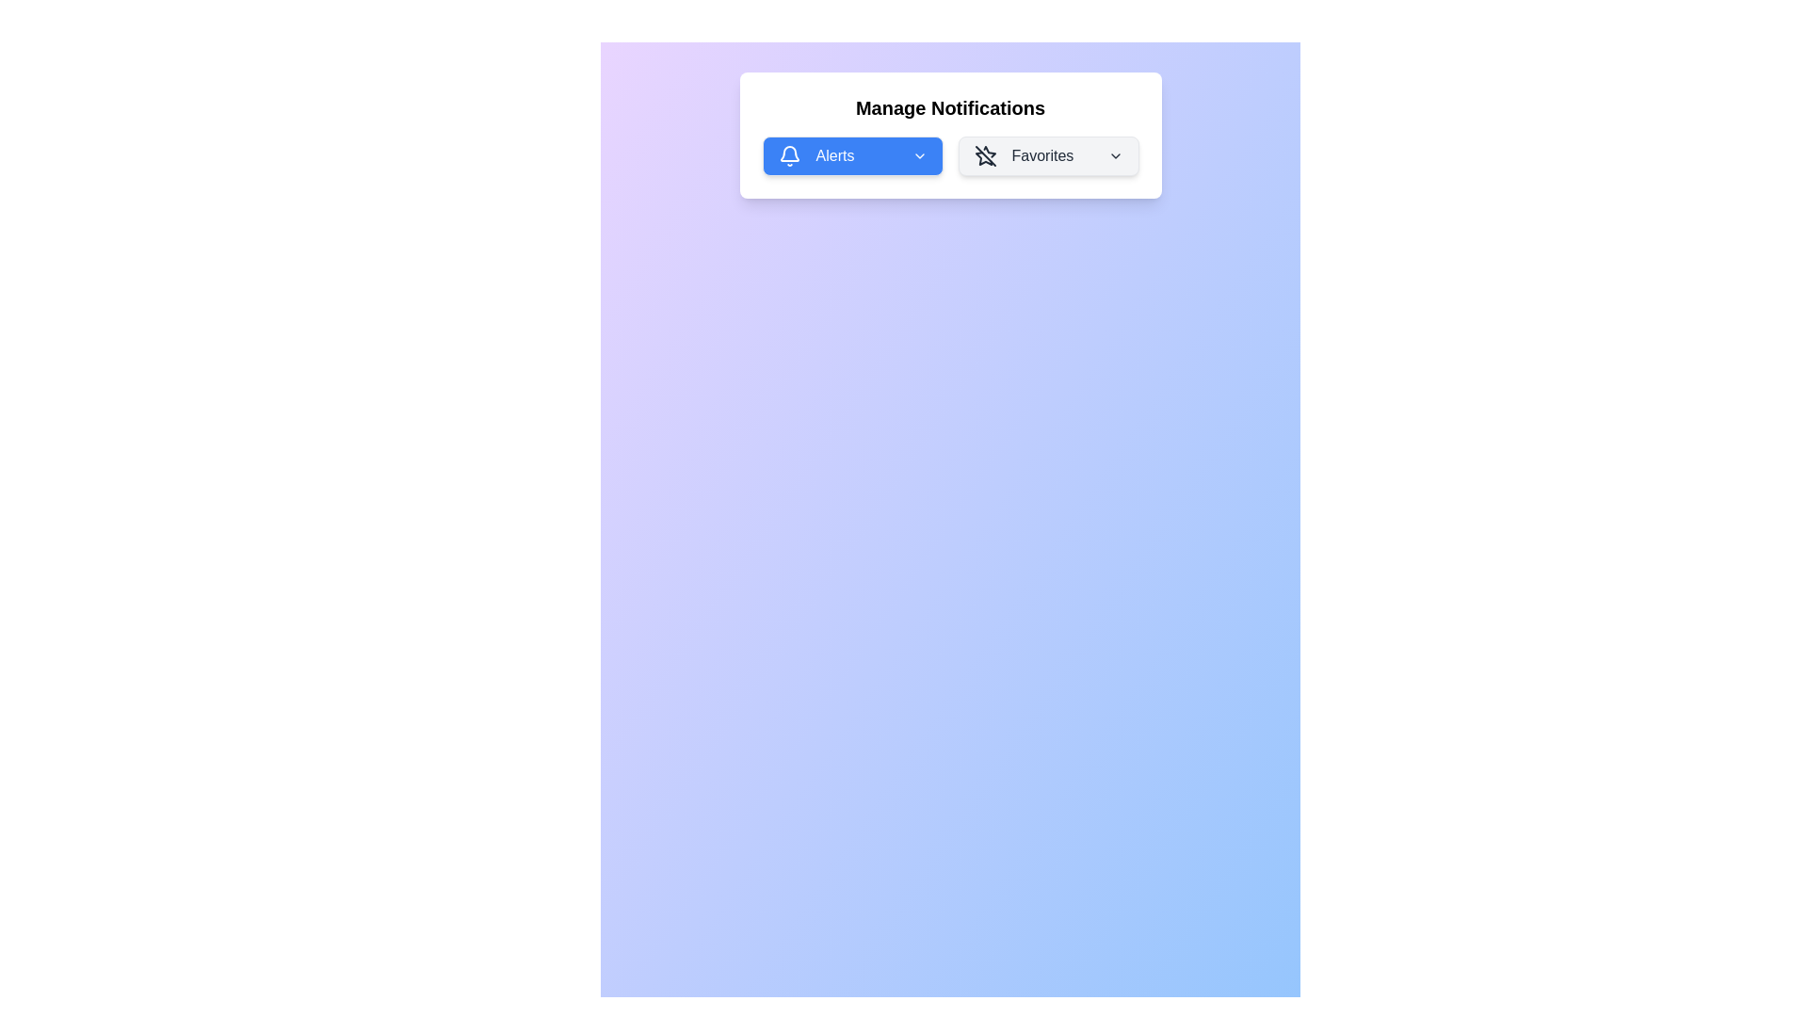 The image size is (1808, 1017). Describe the element at coordinates (1115, 154) in the screenshot. I see `the dropdown icon of the 'Favorites' button to expand the menu` at that location.